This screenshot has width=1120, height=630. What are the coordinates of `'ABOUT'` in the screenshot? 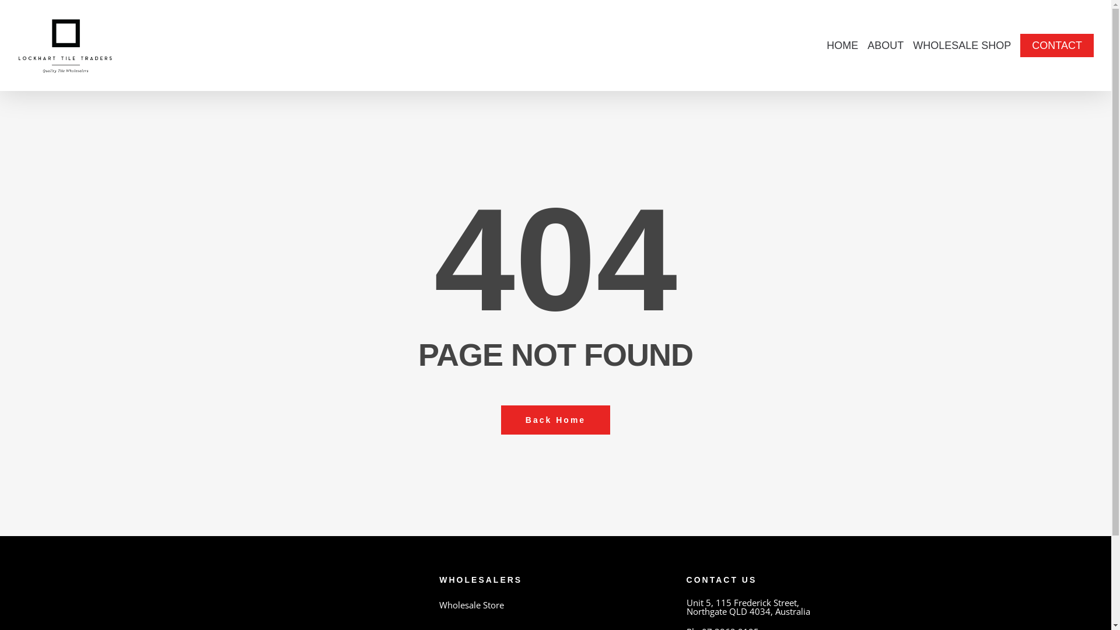 It's located at (885, 44).